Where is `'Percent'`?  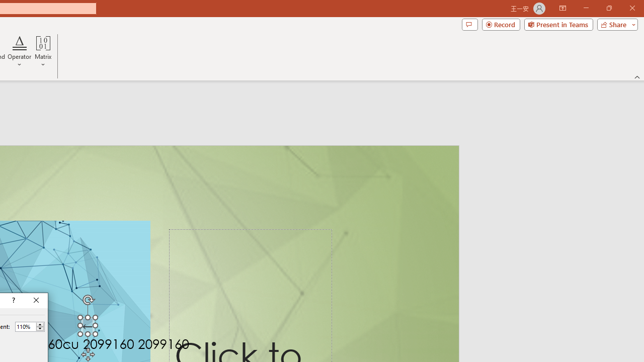 'Percent' is located at coordinates (30, 327).